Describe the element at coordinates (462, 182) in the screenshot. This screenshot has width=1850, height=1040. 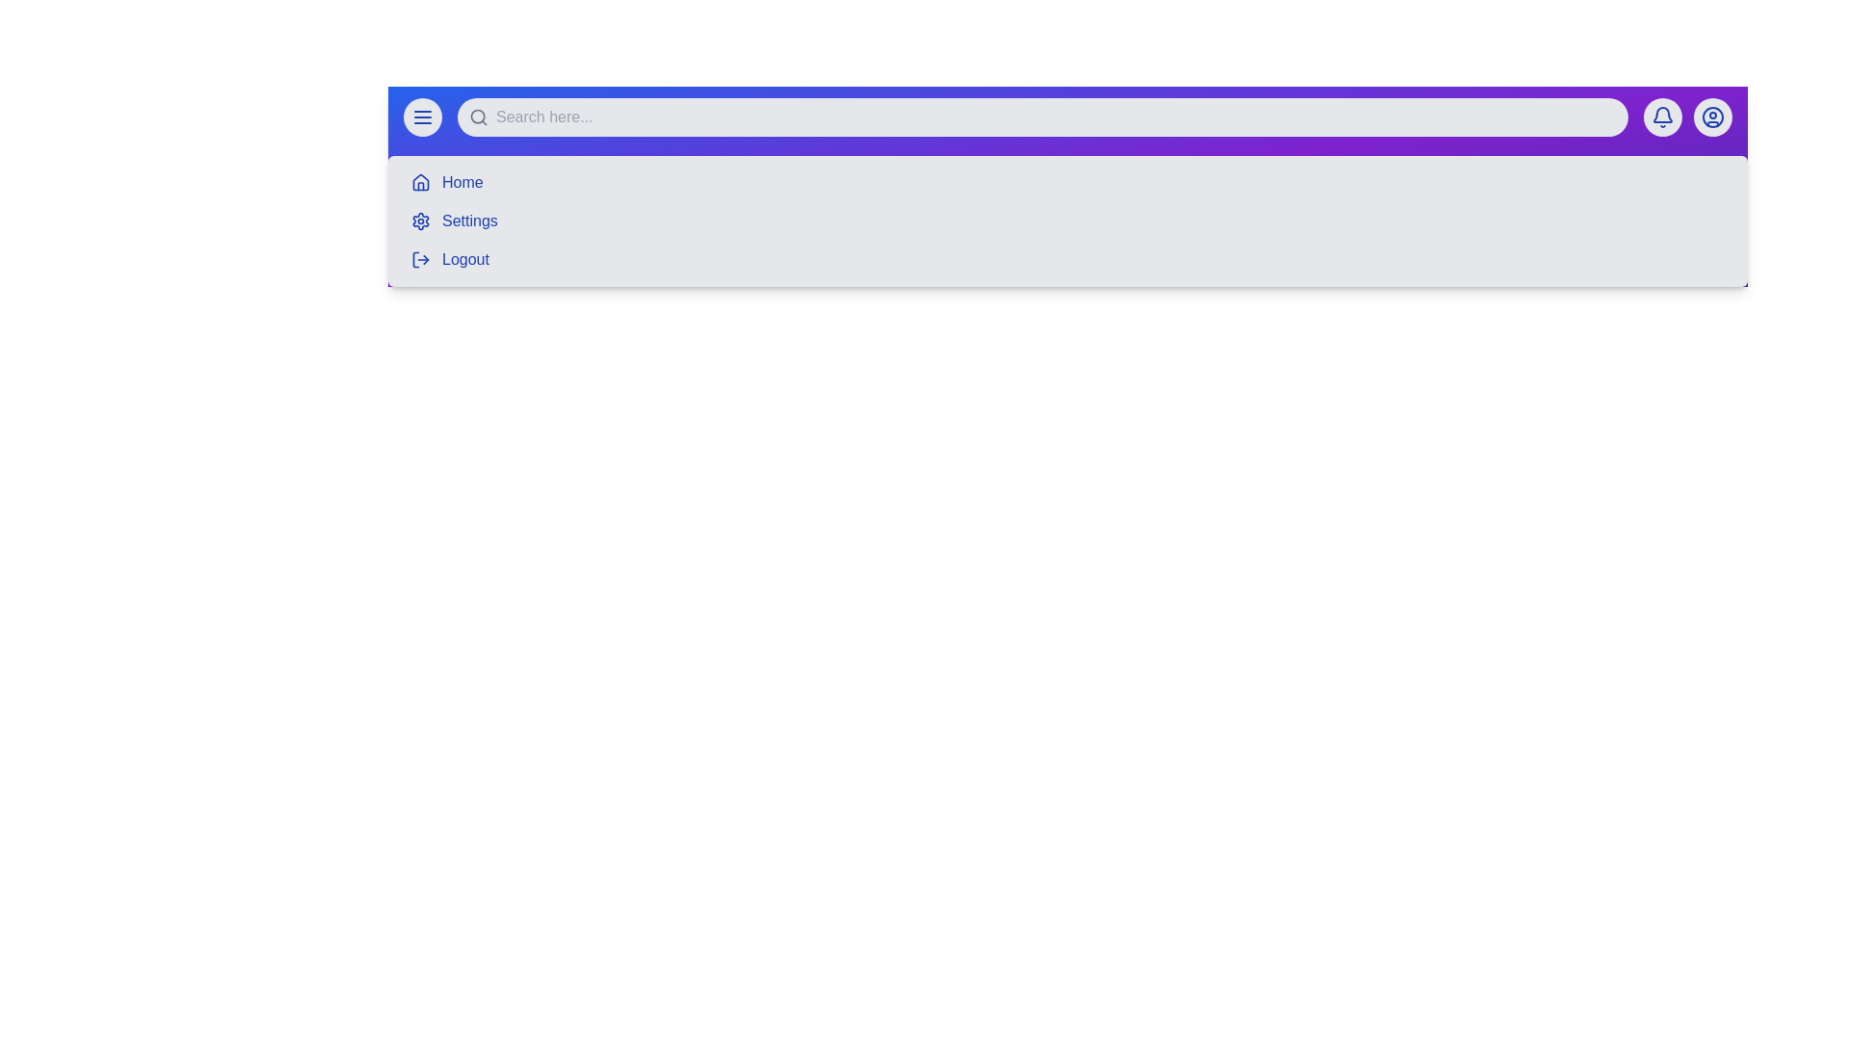
I see `the menu item Home from the navigation bar` at that location.